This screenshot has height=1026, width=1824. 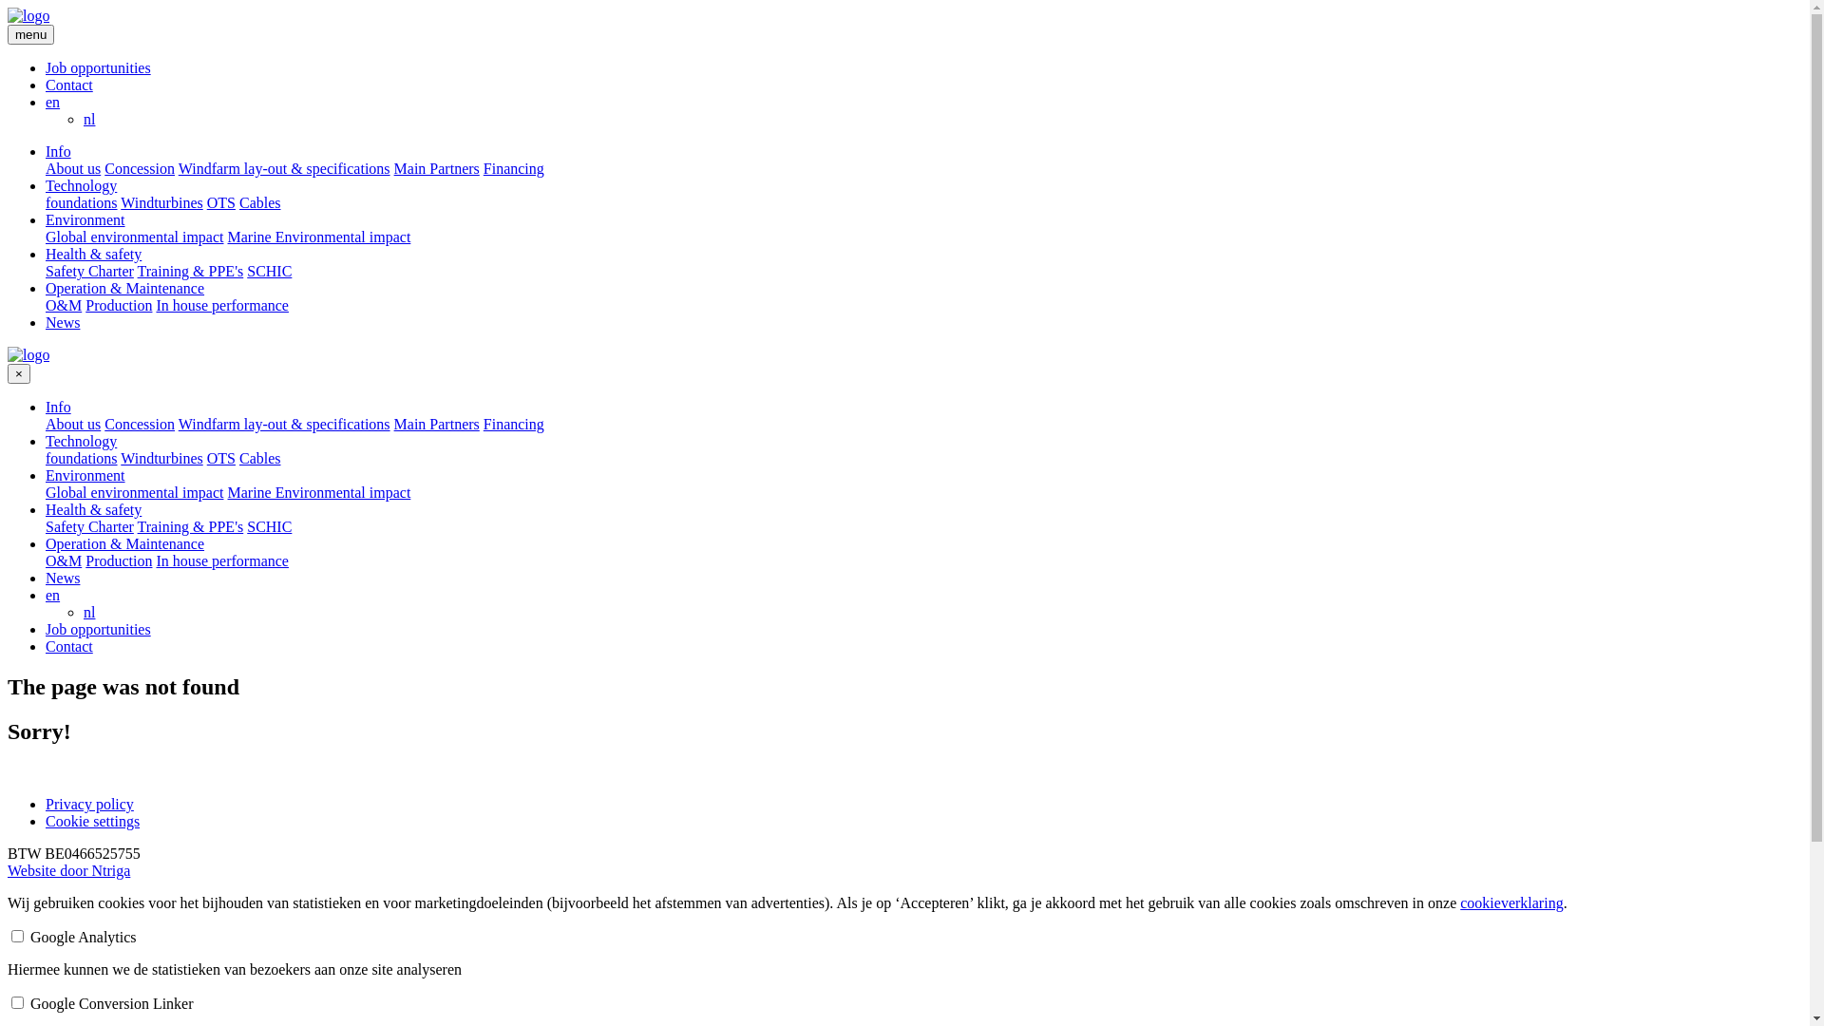 I want to click on 'Financing', so click(x=514, y=423).